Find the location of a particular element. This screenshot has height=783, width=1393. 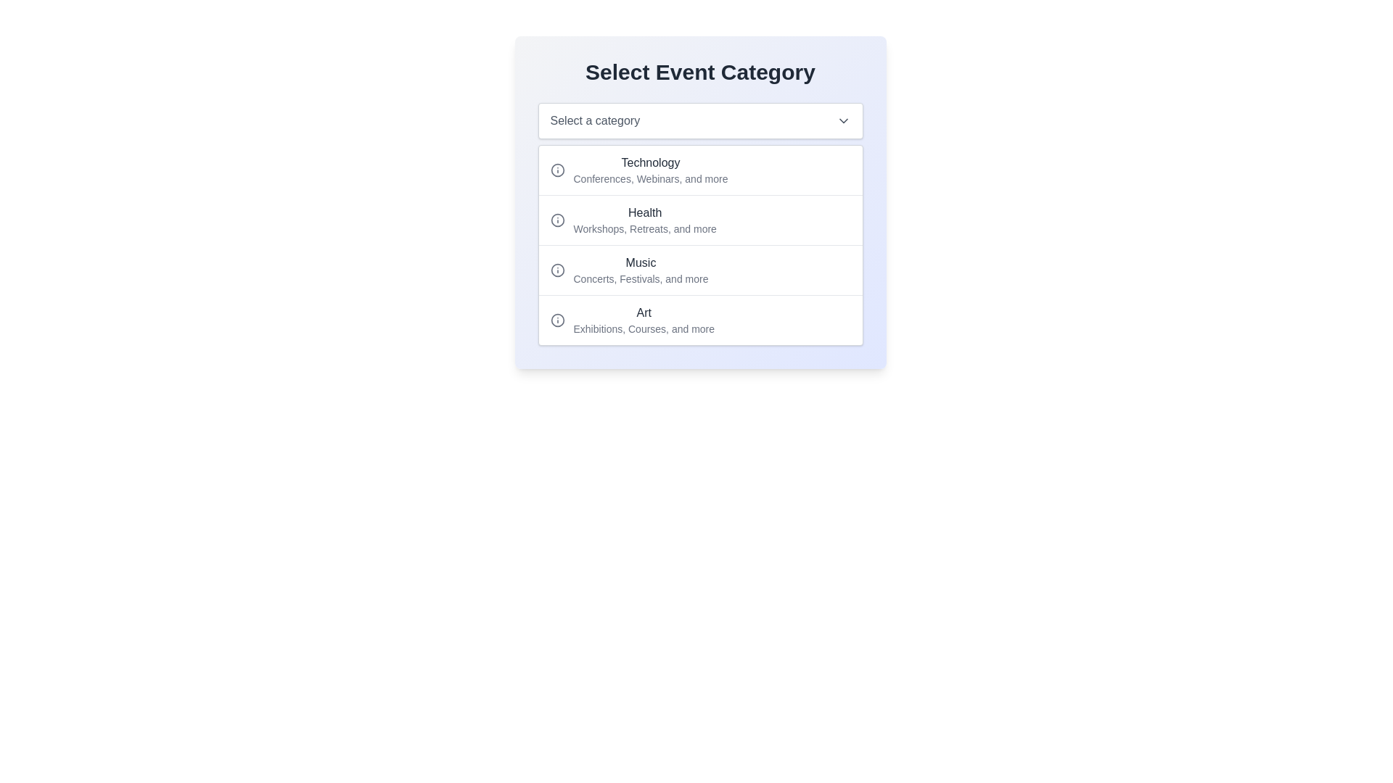

the 'Technology' category label text element, which consists of two lines of text: 'Technology' in medium-weight font and 'Conferences, Webinars, and more' in a smaller font, located below the dropdown selector in the 'Select Event Category' section is located at coordinates (650, 170).